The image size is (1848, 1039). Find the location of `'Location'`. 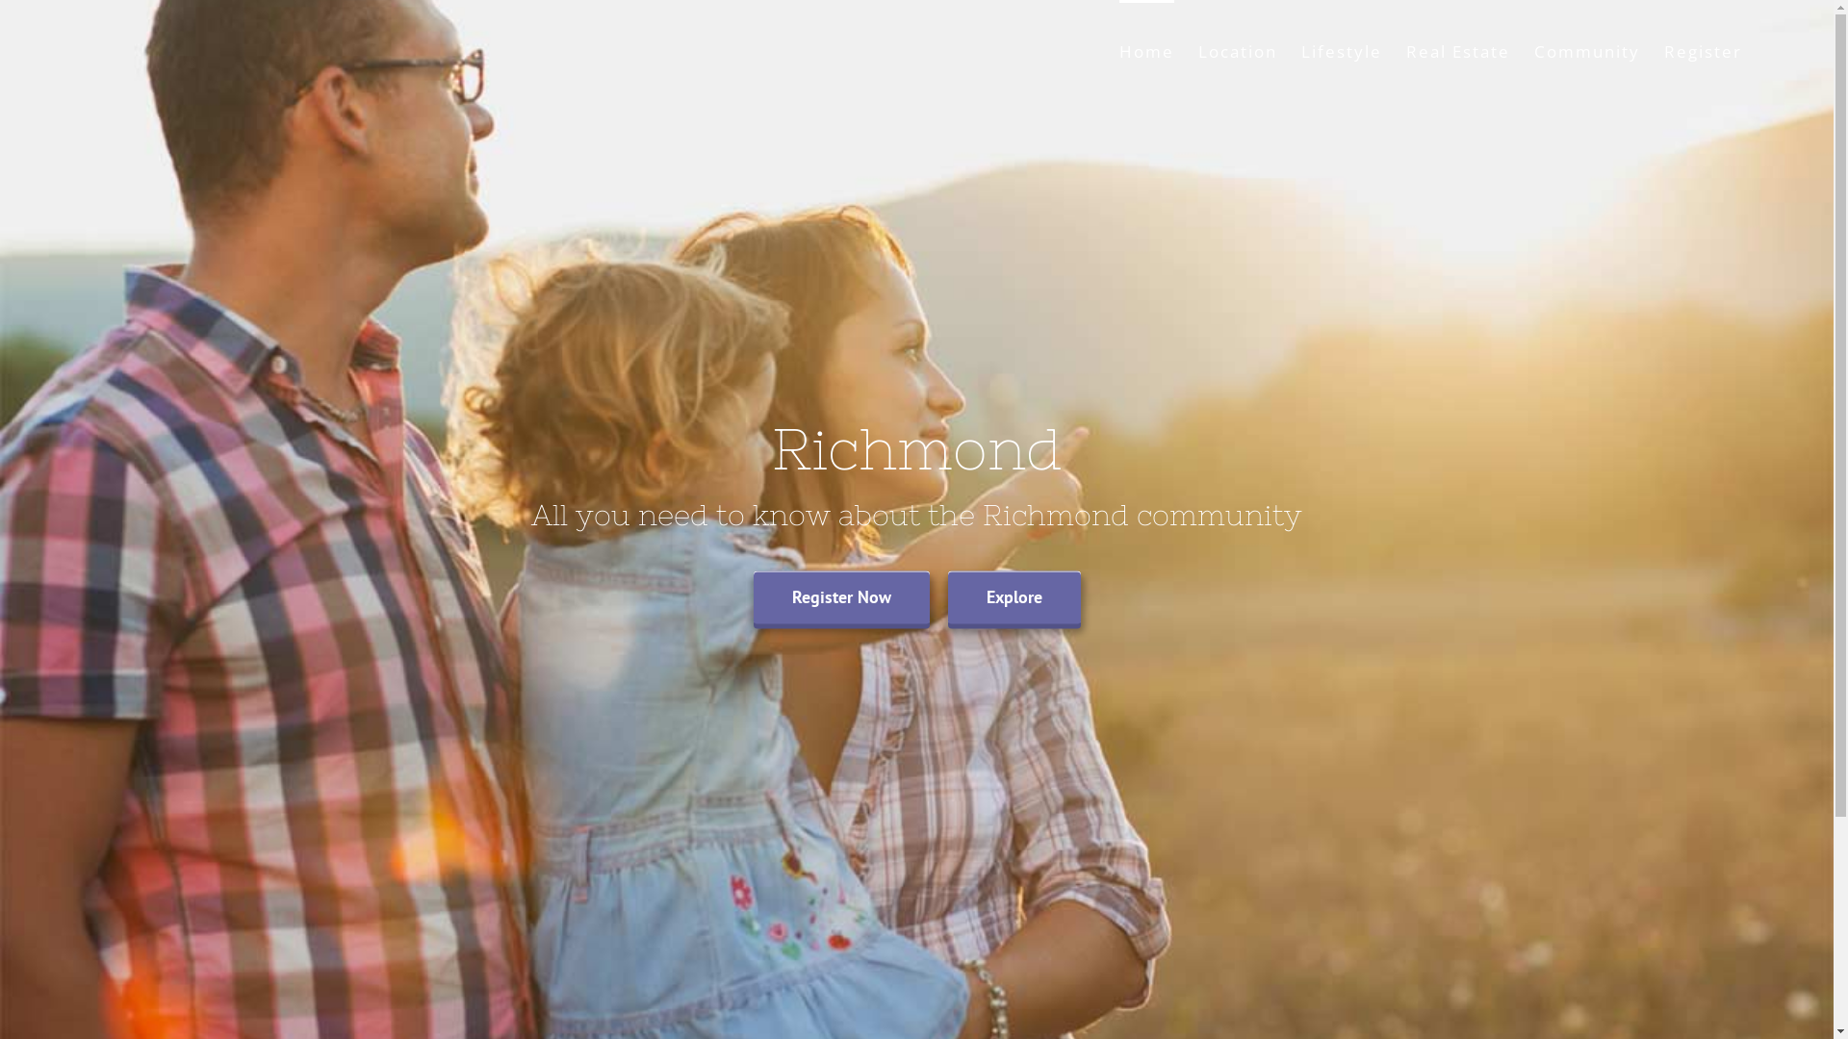

'Location' is located at coordinates (1196, 48).